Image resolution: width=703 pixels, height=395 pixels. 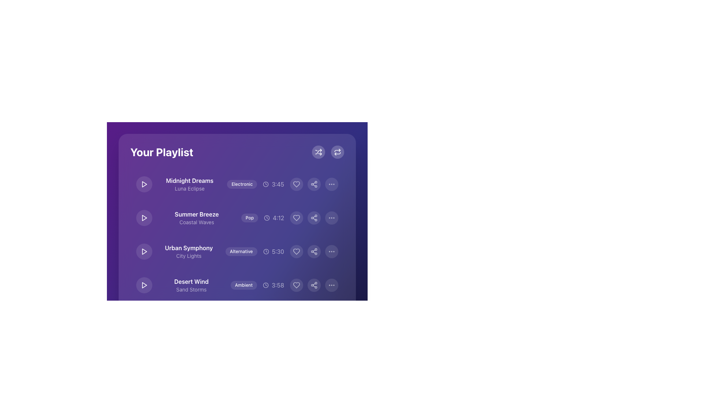 What do you see at coordinates (197, 214) in the screenshot?
I see `the static text label that identifies the second entry of the playlist, located above the text 'Coastal Waves'` at bounding box center [197, 214].